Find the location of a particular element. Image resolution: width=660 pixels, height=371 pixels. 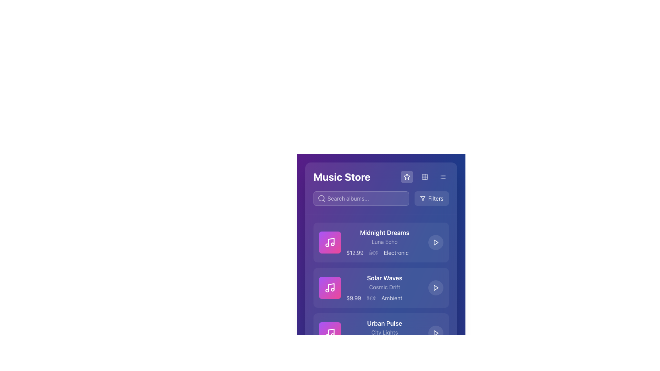

the grid layout icon button located in the top-right corner of the interface, which is visually represented by a square outline divided into nine smaller squares is located at coordinates (425, 177).